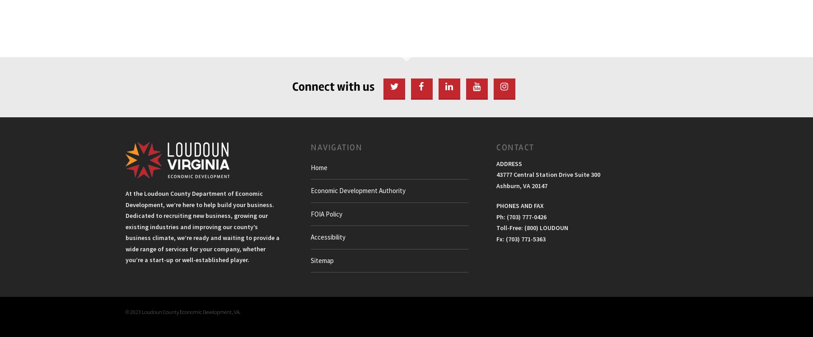  What do you see at coordinates (318, 166) in the screenshot?
I see `'Home'` at bounding box center [318, 166].